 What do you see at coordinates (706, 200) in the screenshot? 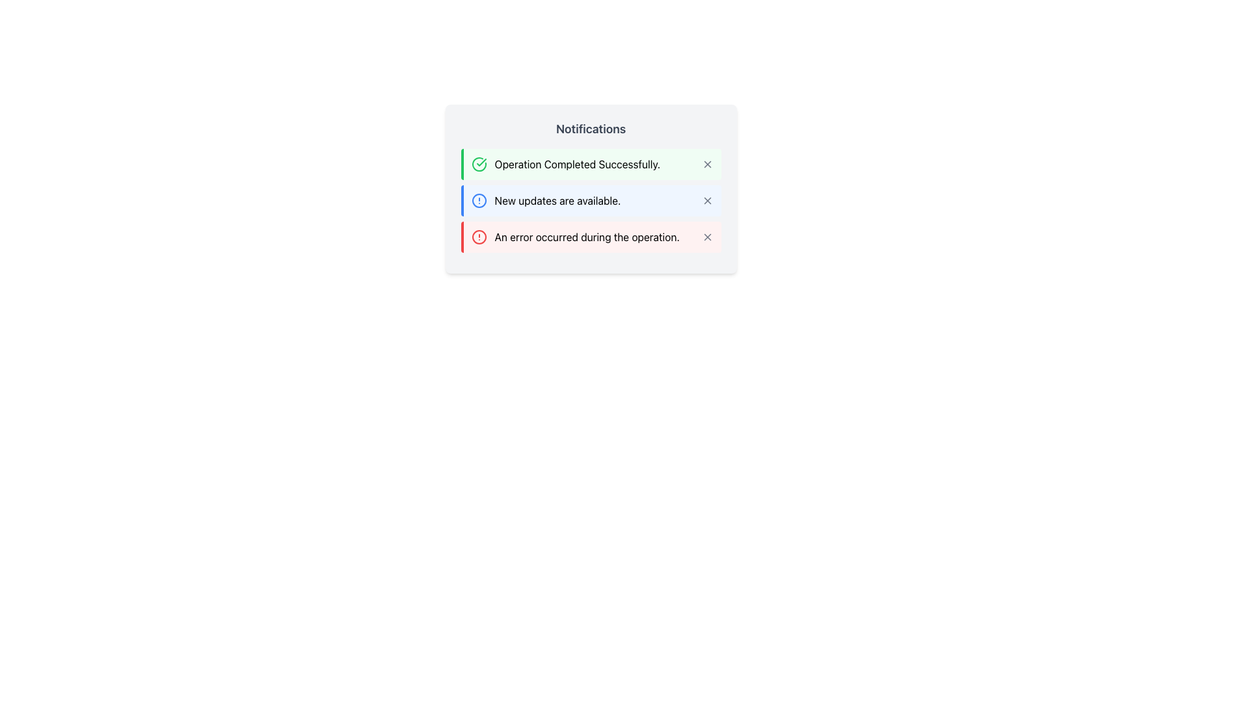
I see `the gray 'X' icon located at the far right of the notification panel that says 'New updates are available'` at bounding box center [706, 200].